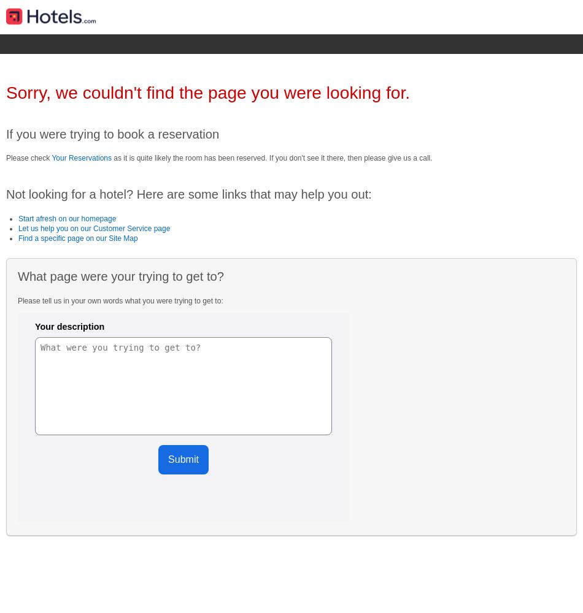  Describe the element at coordinates (188, 194) in the screenshot. I see `'Not looking for a hotel? Here are some links that may help you out:'` at that location.